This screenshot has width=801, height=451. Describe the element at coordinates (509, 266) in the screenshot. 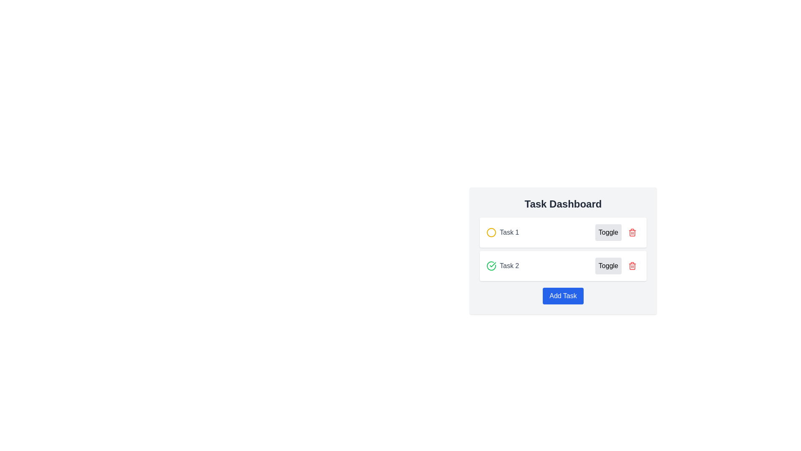

I see `text label displaying 'Task 2', which is styled in gray and positioned next to a green checkmark icon in a task list` at that location.